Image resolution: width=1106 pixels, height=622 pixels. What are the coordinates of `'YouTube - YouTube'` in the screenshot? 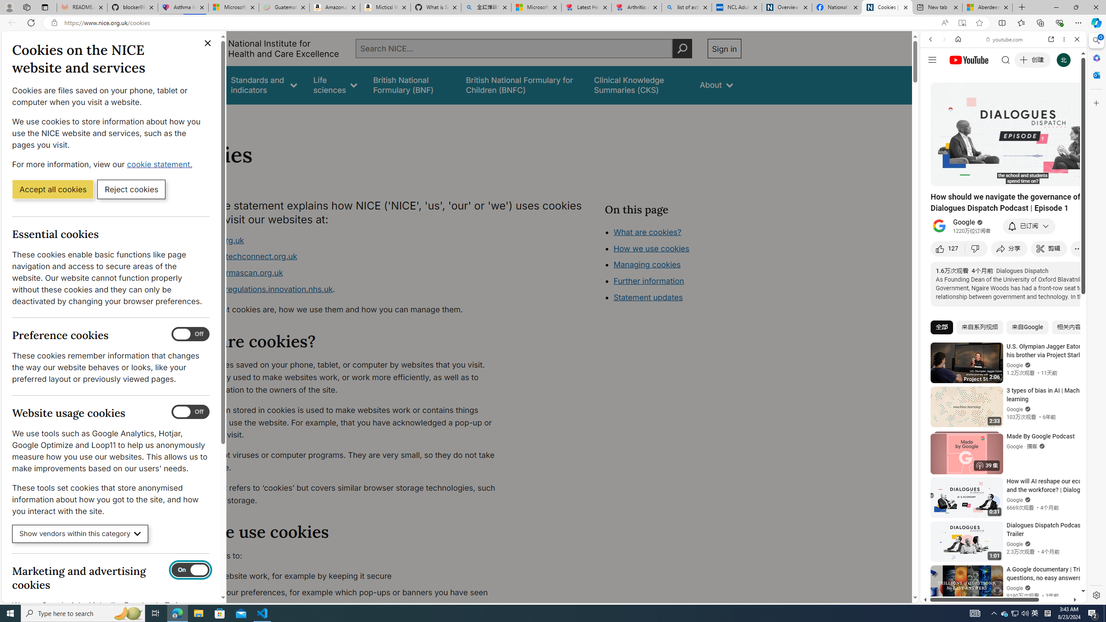 It's located at (1000, 425).